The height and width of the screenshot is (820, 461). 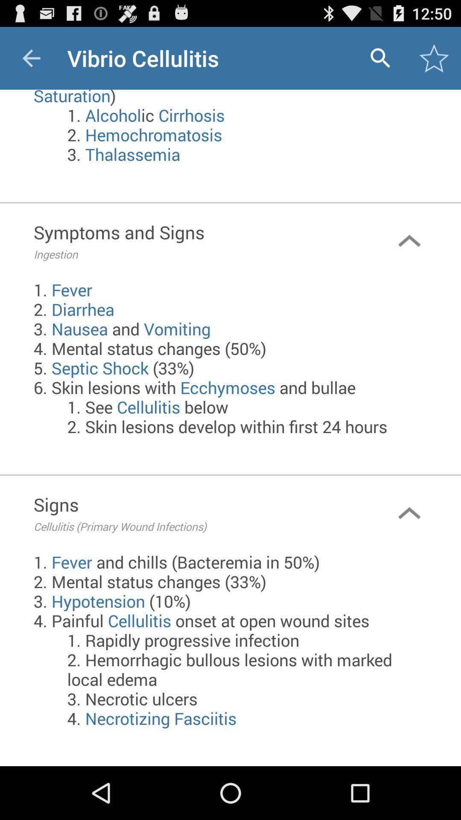 What do you see at coordinates (380, 58) in the screenshot?
I see `the item above 1 immunocompromising conditions` at bounding box center [380, 58].